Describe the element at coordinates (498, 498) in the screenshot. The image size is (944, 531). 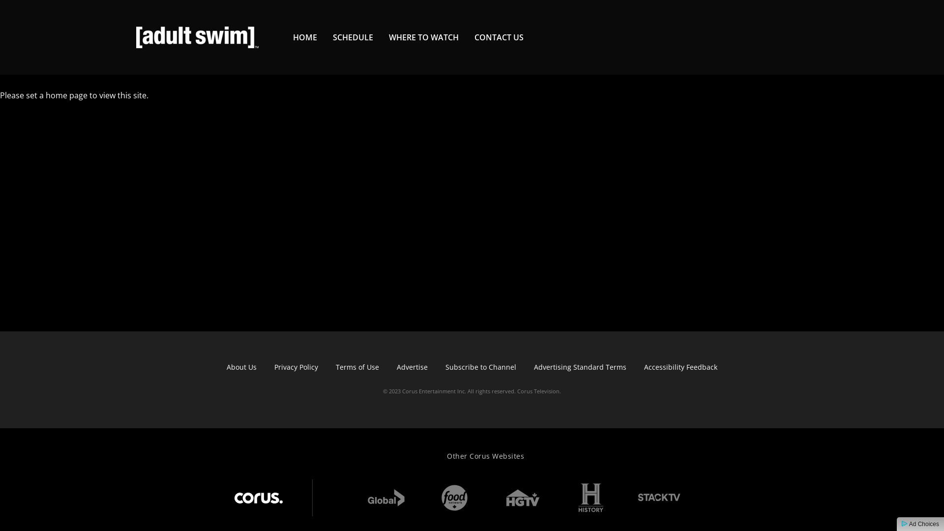
I see `'HGTV'` at that location.